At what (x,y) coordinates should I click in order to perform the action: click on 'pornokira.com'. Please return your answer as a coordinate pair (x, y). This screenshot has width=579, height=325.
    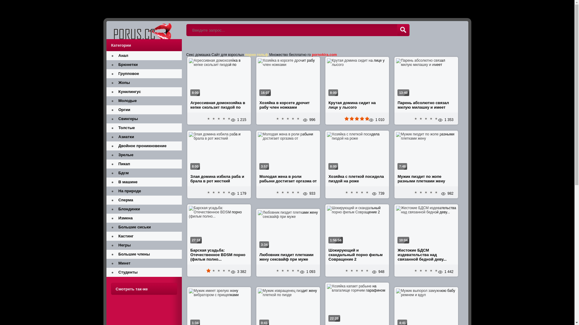
    Looking at the image, I should click on (312, 54).